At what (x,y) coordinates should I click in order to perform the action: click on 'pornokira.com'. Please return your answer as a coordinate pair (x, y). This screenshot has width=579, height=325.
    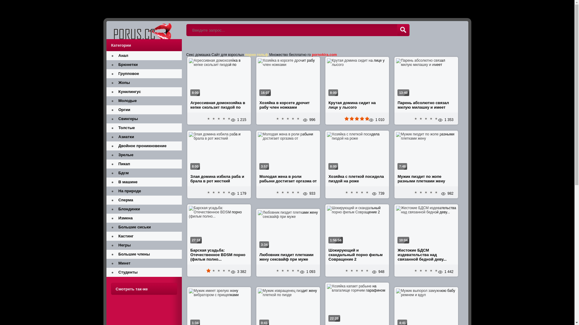
    Looking at the image, I should click on (312, 54).